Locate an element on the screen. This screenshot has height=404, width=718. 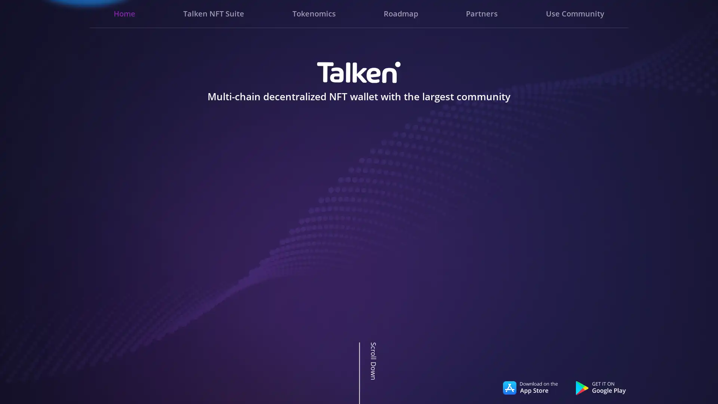
Go to slide 2 is located at coordinates (120, 317).